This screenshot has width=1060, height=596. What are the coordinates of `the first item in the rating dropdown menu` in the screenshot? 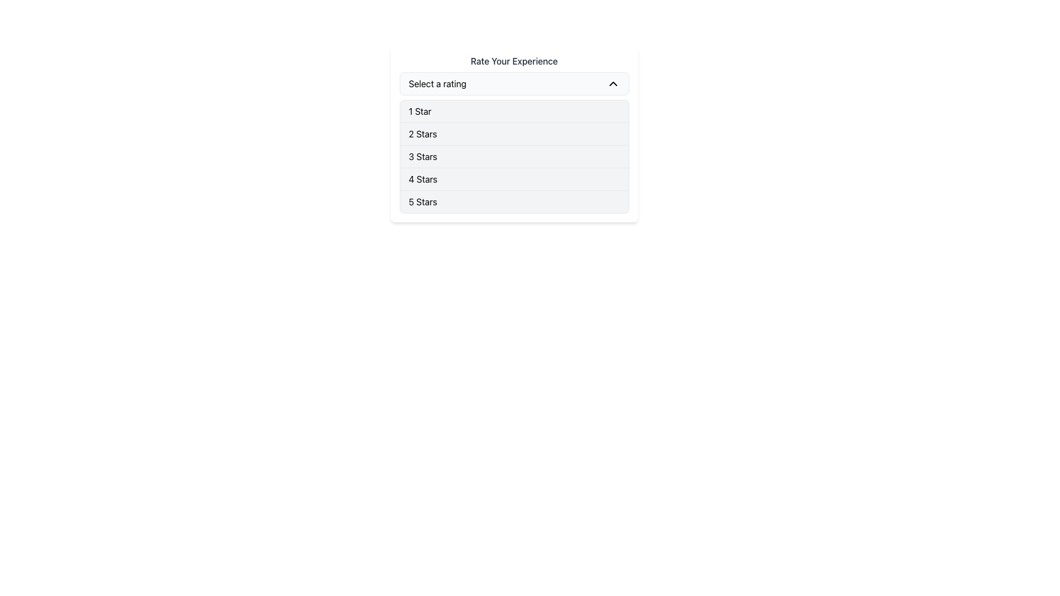 It's located at (513, 111).